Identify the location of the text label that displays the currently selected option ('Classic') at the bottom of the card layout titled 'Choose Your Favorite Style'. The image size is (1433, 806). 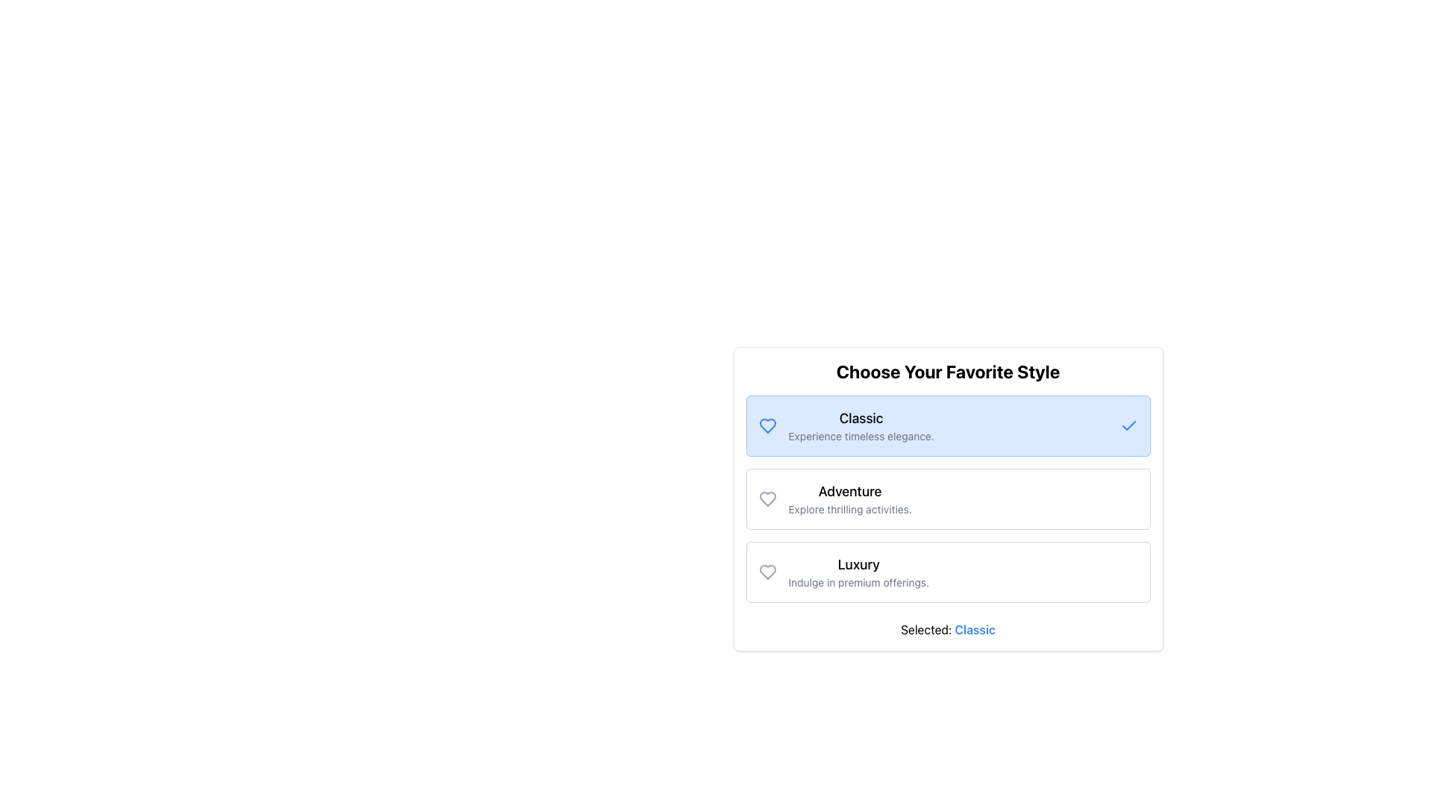
(947, 630).